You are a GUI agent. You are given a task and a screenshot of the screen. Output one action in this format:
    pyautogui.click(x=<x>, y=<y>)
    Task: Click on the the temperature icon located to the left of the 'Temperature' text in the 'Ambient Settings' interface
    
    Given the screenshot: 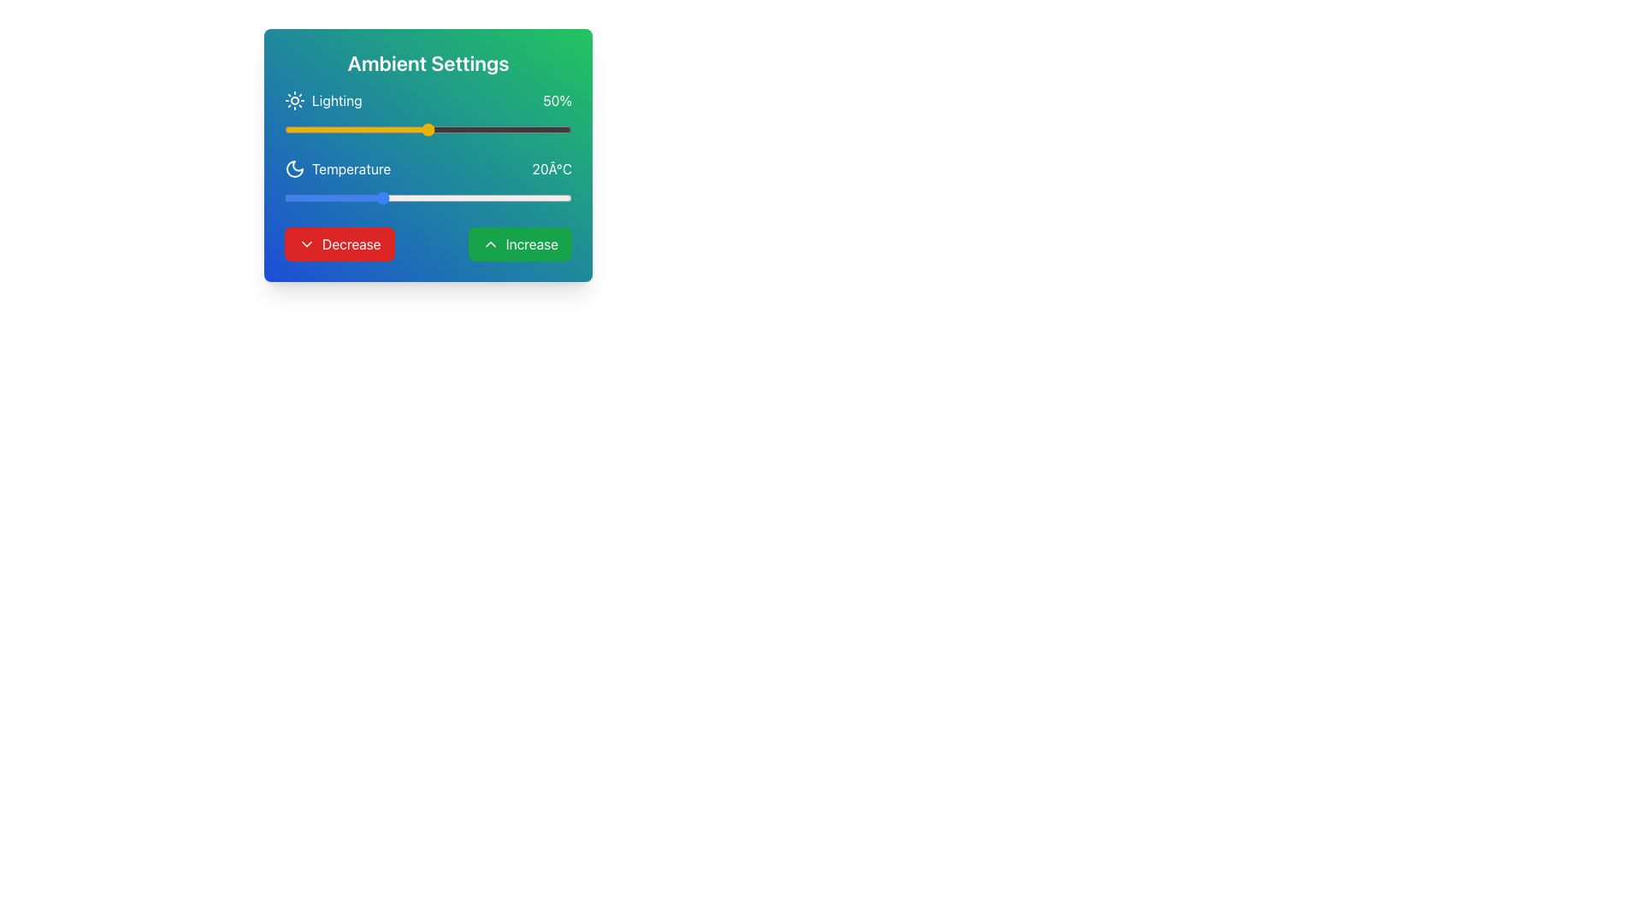 What is the action you would take?
    pyautogui.click(x=295, y=168)
    